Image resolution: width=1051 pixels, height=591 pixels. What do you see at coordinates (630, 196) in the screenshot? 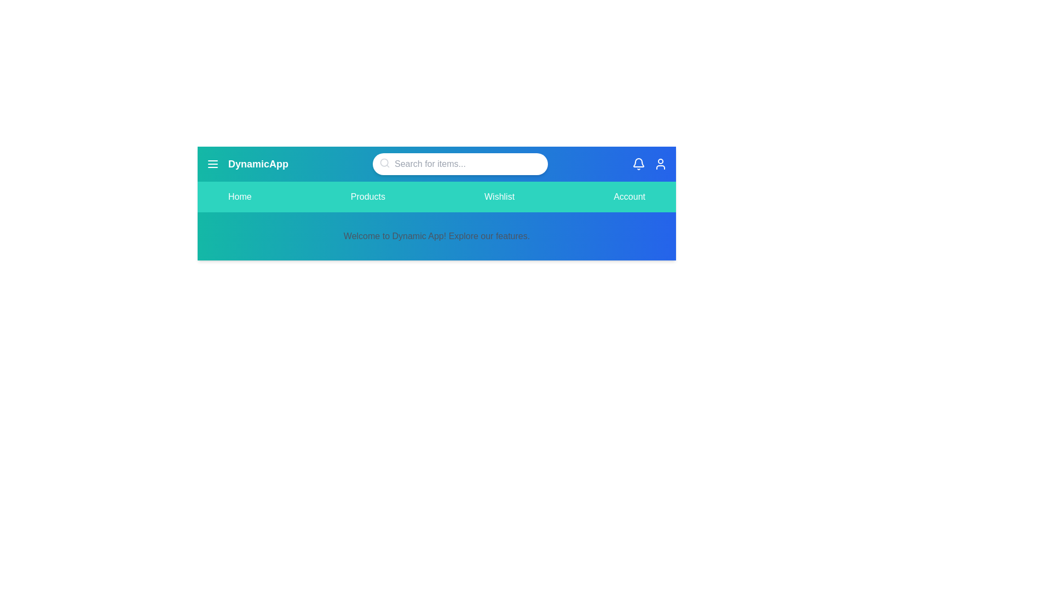
I see `the Account tab` at bounding box center [630, 196].